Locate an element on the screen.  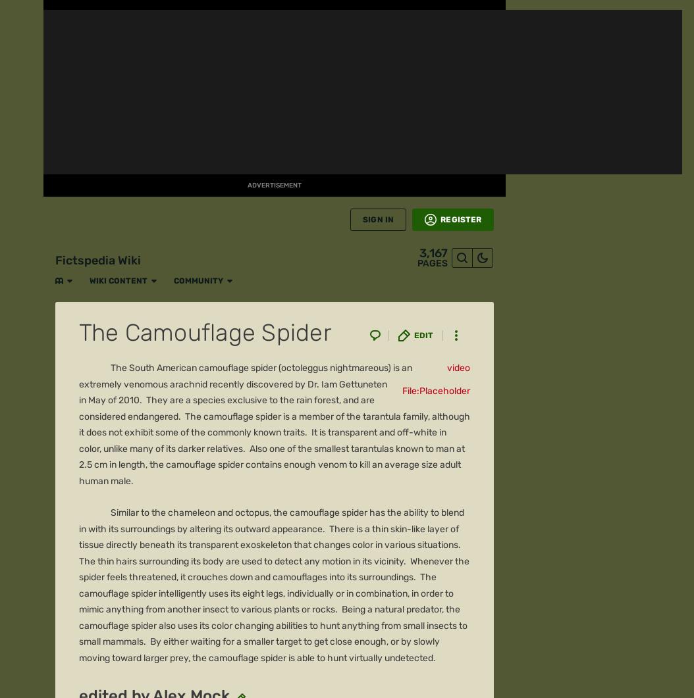
'Ghibli Wiki' is located at coordinates (381, 476).